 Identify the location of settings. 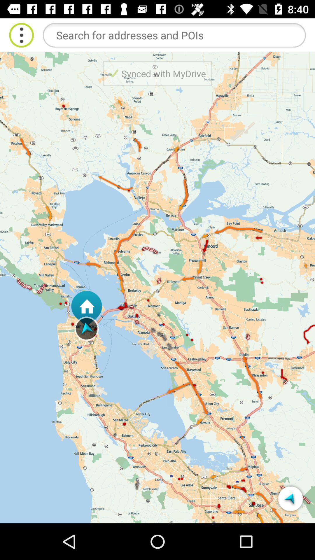
(21, 35).